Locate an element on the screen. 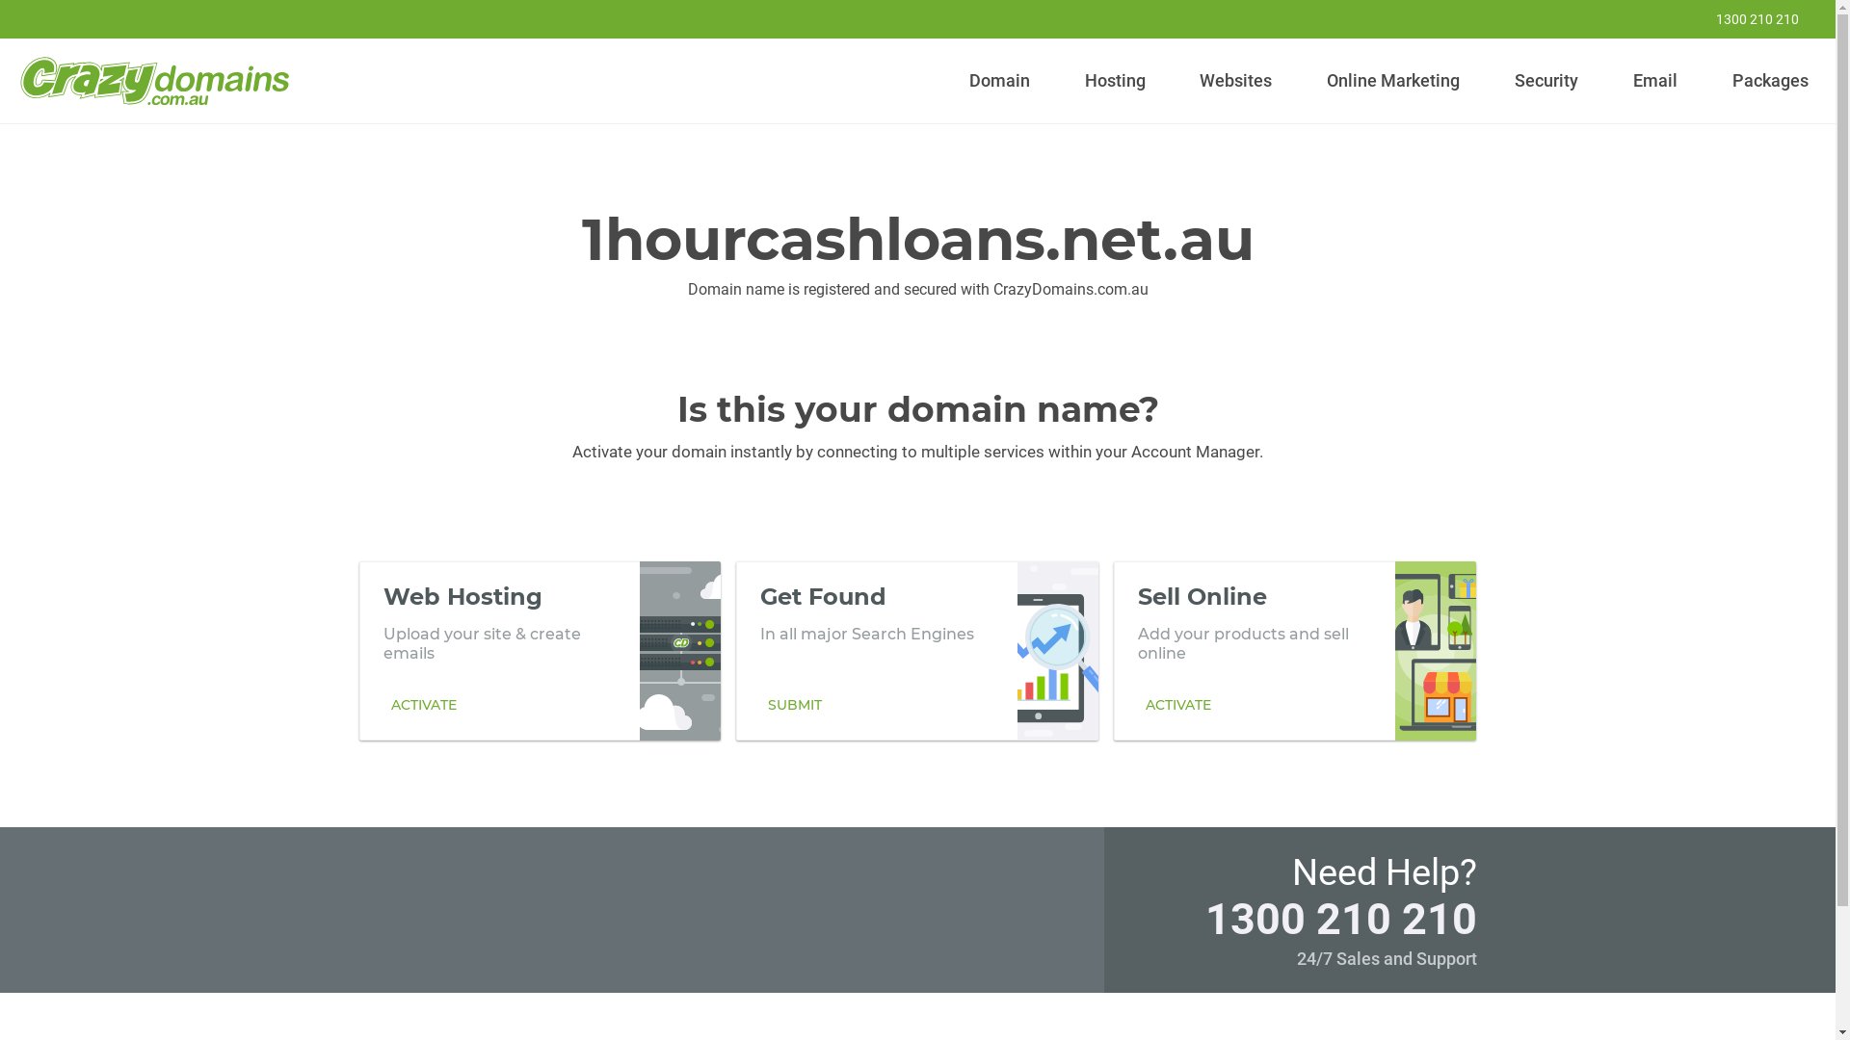 The height and width of the screenshot is (1040, 1850). '1300 210 210' is located at coordinates (1673, 18).